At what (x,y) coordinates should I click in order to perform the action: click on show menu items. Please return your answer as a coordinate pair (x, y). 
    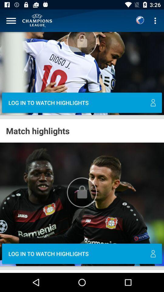
    Looking at the image, I should click on (11, 21).